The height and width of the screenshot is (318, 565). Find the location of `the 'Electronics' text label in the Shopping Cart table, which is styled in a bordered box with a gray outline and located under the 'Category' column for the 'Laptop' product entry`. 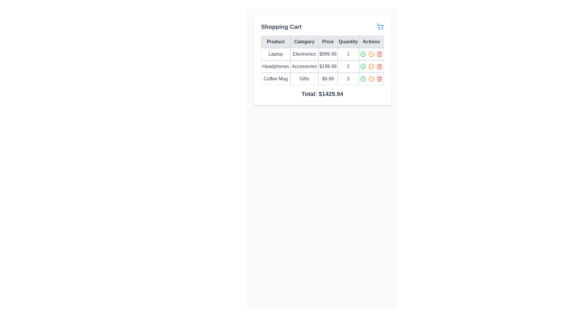

the 'Electronics' text label in the Shopping Cart table, which is styled in a bordered box with a gray outline and located under the 'Category' column for the 'Laptop' product entry is located at coordinates (304, 54).